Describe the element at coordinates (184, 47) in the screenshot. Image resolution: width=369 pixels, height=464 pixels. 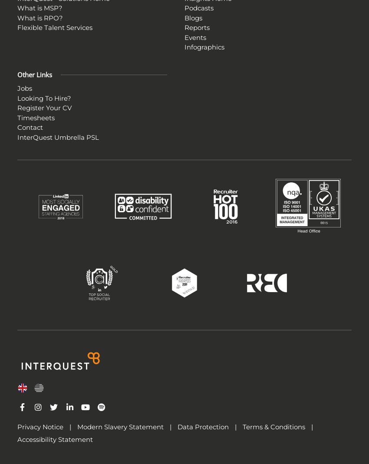
I see `'Infographics'` at that location.